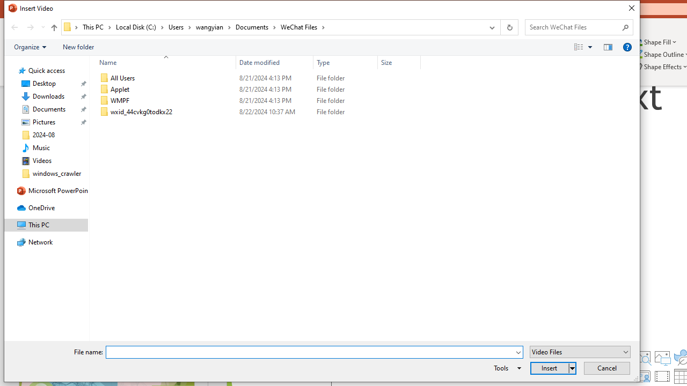  Describe the element at coordinates (30, 46) in the screenshot. I see `'Organize'` at that location.